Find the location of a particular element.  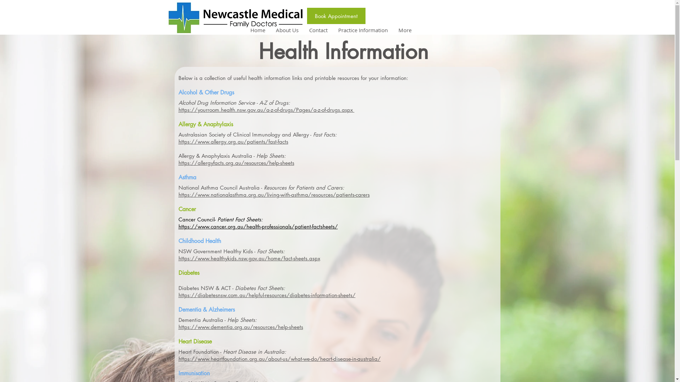

'https://allergyfacts.org.au/resources/help-sheets' is located at coordinates (236, 162).